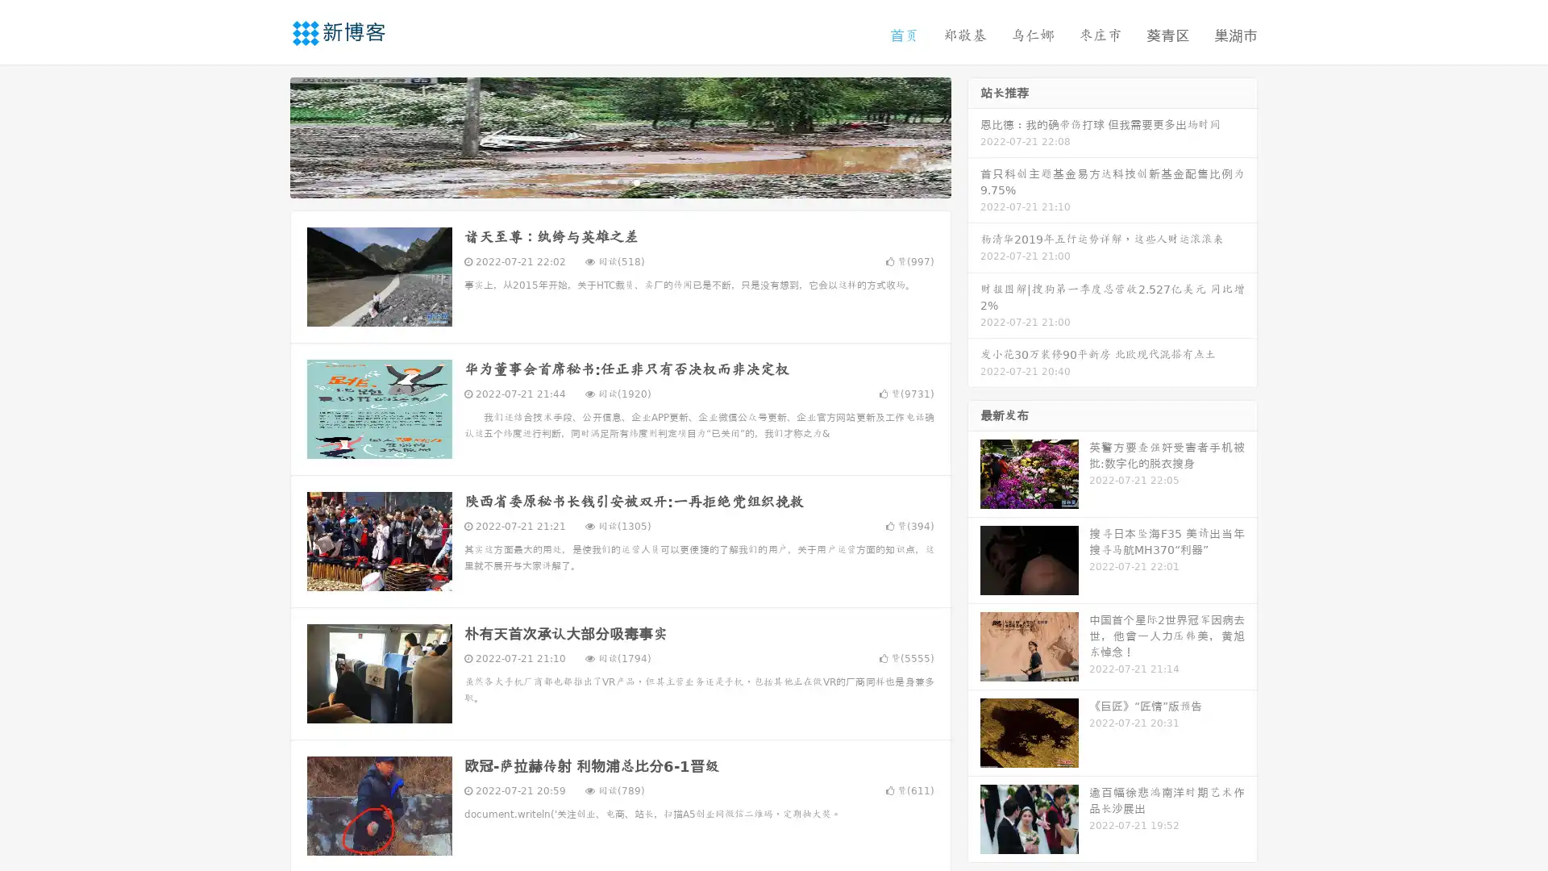 The height and width of the screenshot is (871, 1548). What do you see at coordinates (636, 181) in the screenshot?
I see `Go to slide 3` at bounding box center [636, 181].